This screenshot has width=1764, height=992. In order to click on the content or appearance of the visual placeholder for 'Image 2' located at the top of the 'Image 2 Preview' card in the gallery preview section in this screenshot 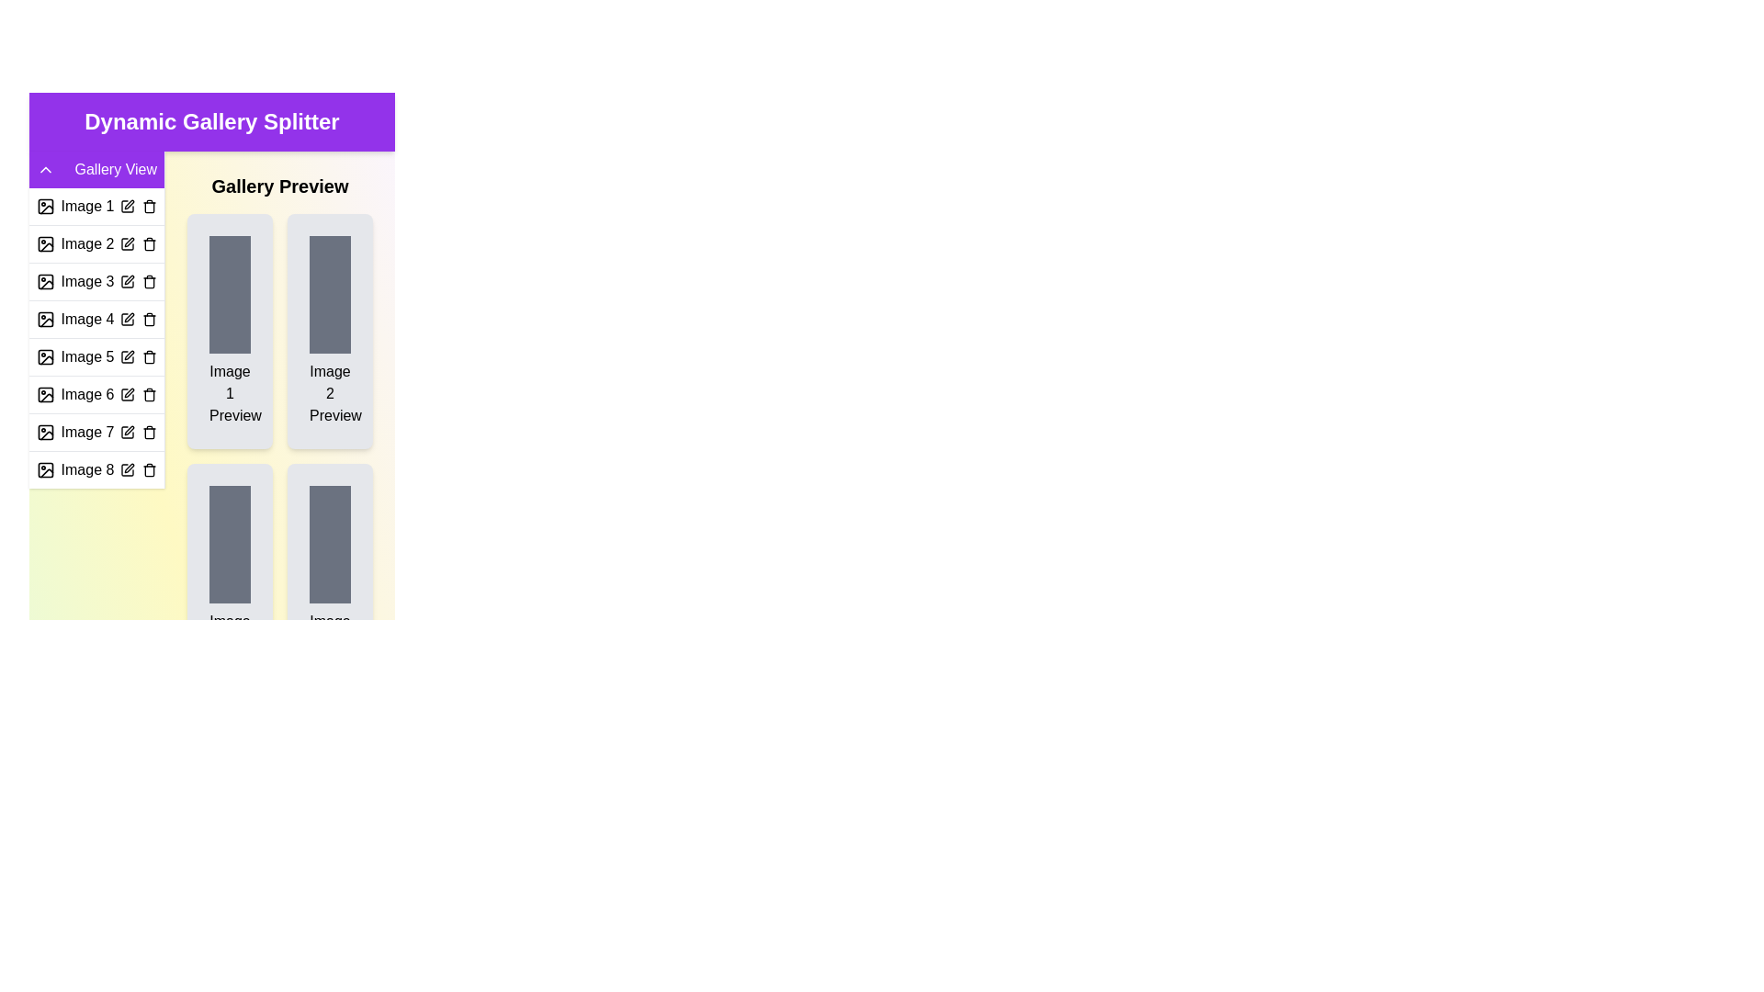, I will do `click(330, 293)`.